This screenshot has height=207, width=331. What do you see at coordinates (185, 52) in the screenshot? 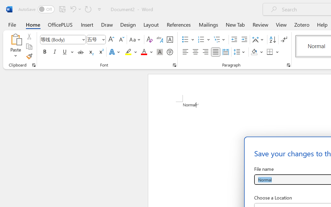
I see `'Align Left'` at bounding box center [185, 52].